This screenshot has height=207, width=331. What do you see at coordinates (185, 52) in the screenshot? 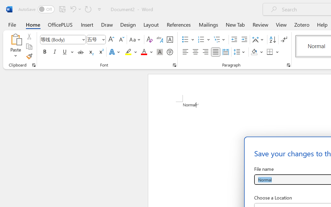
I see `'Align Left'` at bounding box center [185, 52].